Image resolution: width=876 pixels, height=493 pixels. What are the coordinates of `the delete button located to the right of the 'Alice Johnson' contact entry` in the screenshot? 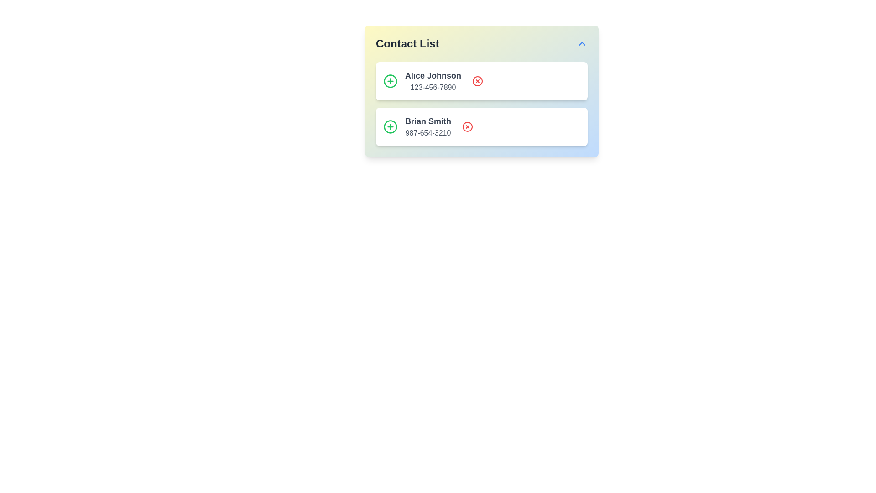 It's located at (477, 80).